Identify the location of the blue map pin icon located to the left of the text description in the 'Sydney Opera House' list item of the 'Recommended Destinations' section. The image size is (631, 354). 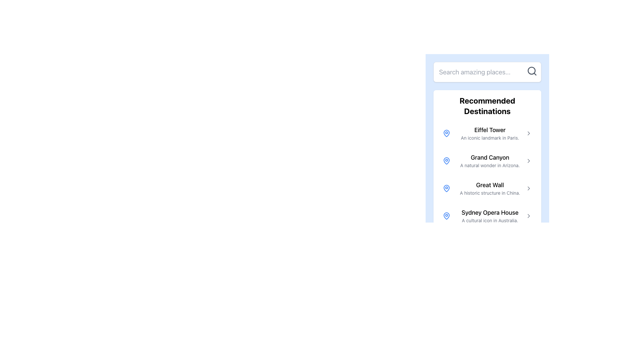
(446, 216).